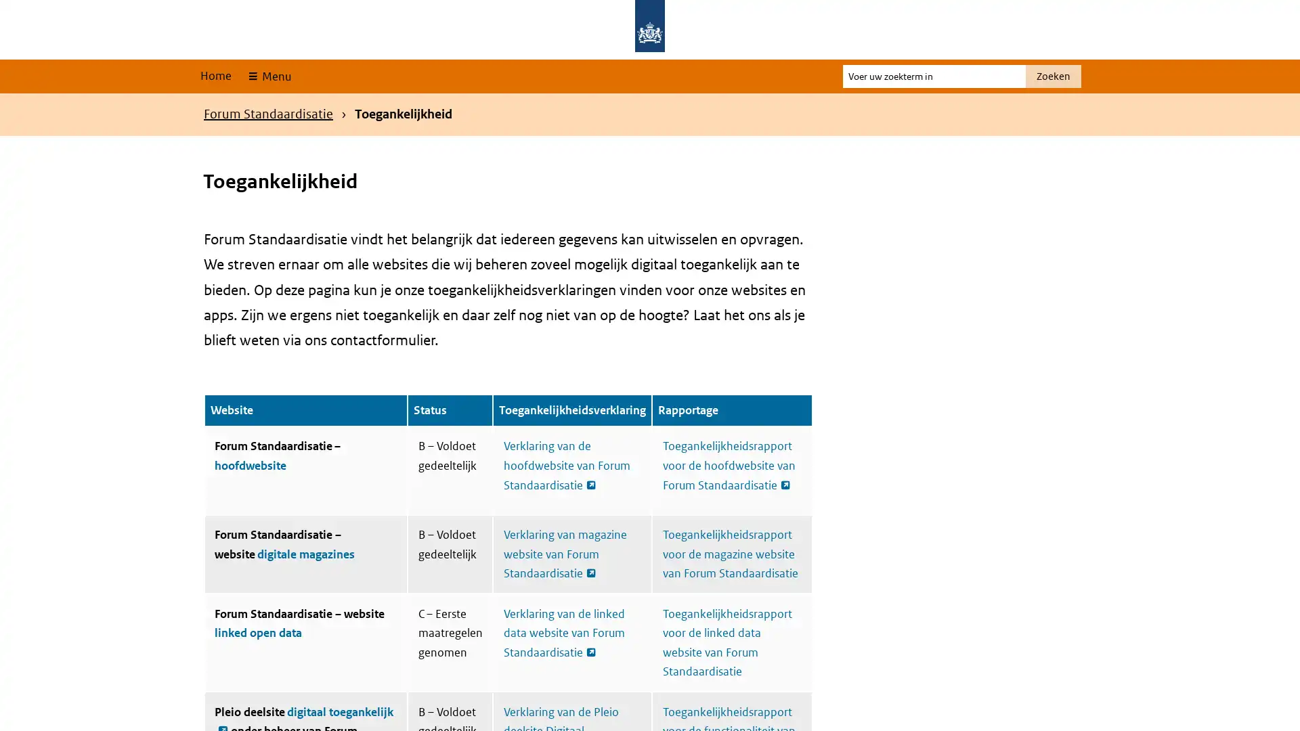 The width and height of the screenshot is (1300, 731). I want to click on Zoeken, so click(1052, 76).